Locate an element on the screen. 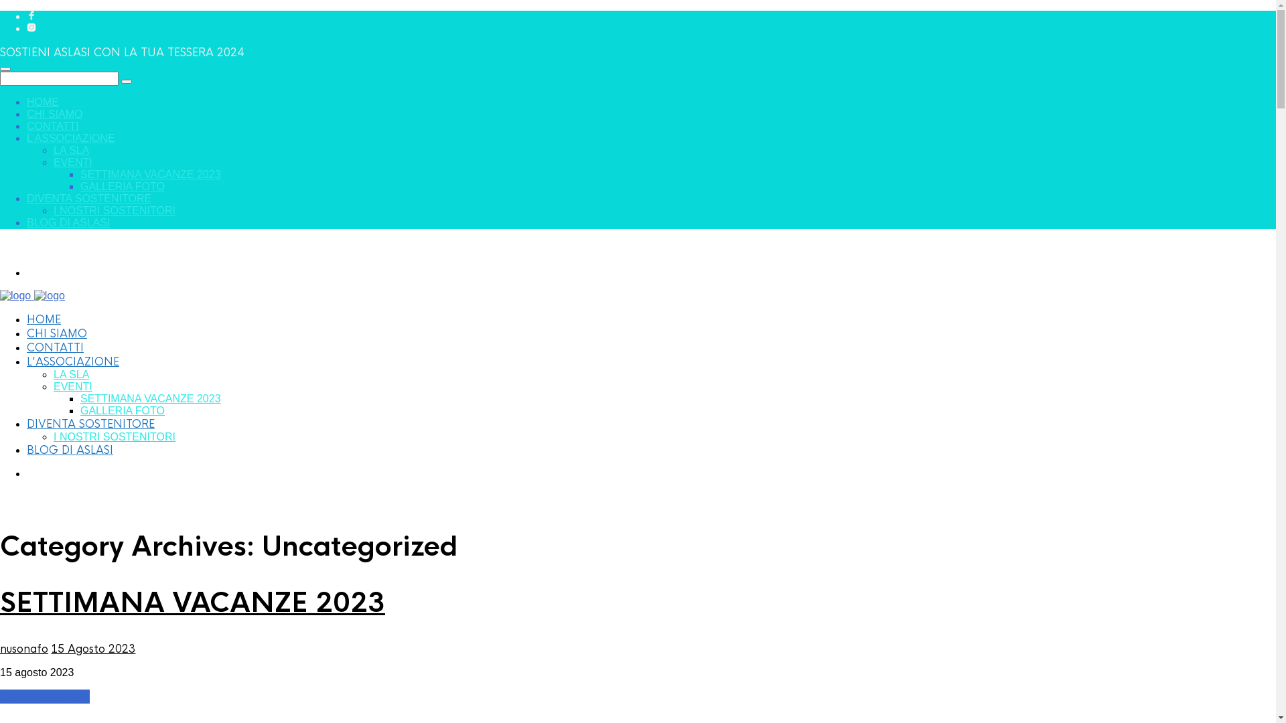  'EVENTI' is located at coordinates (72, 161).